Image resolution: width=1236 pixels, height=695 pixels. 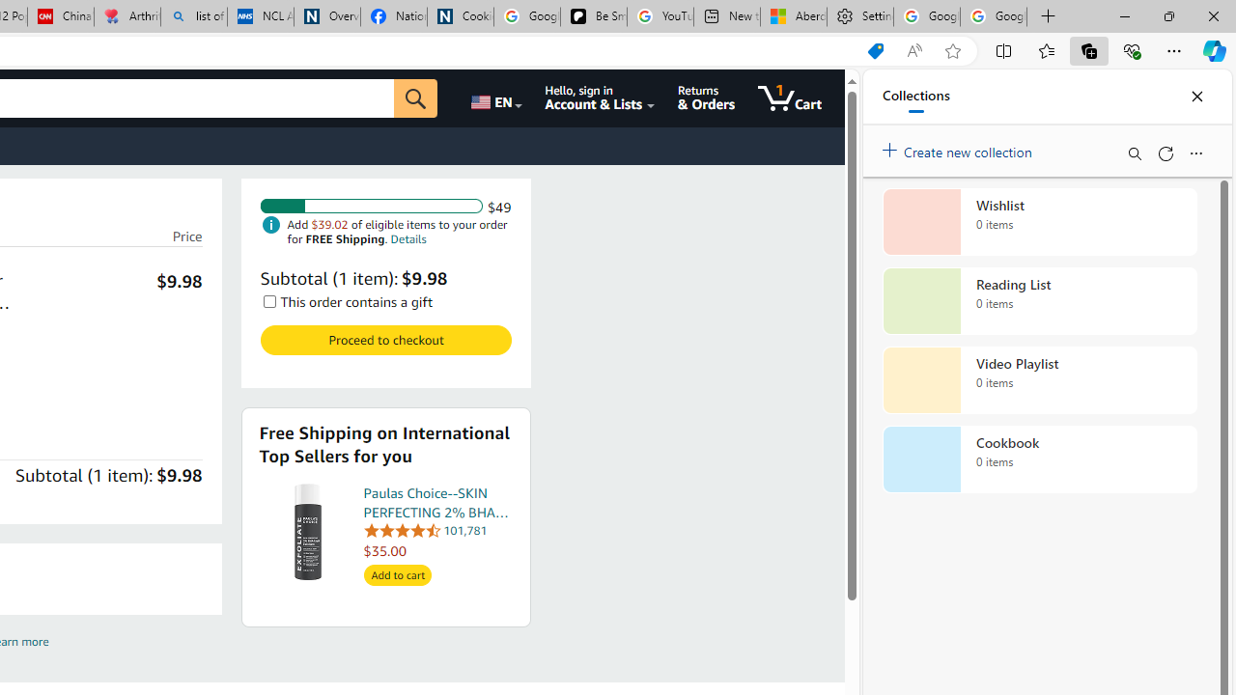 What do you see at coordinates (1039, 380) in the screenshot?
I see `'Video Playlist collection, 0 items'` at bounding box center [1039, 380].